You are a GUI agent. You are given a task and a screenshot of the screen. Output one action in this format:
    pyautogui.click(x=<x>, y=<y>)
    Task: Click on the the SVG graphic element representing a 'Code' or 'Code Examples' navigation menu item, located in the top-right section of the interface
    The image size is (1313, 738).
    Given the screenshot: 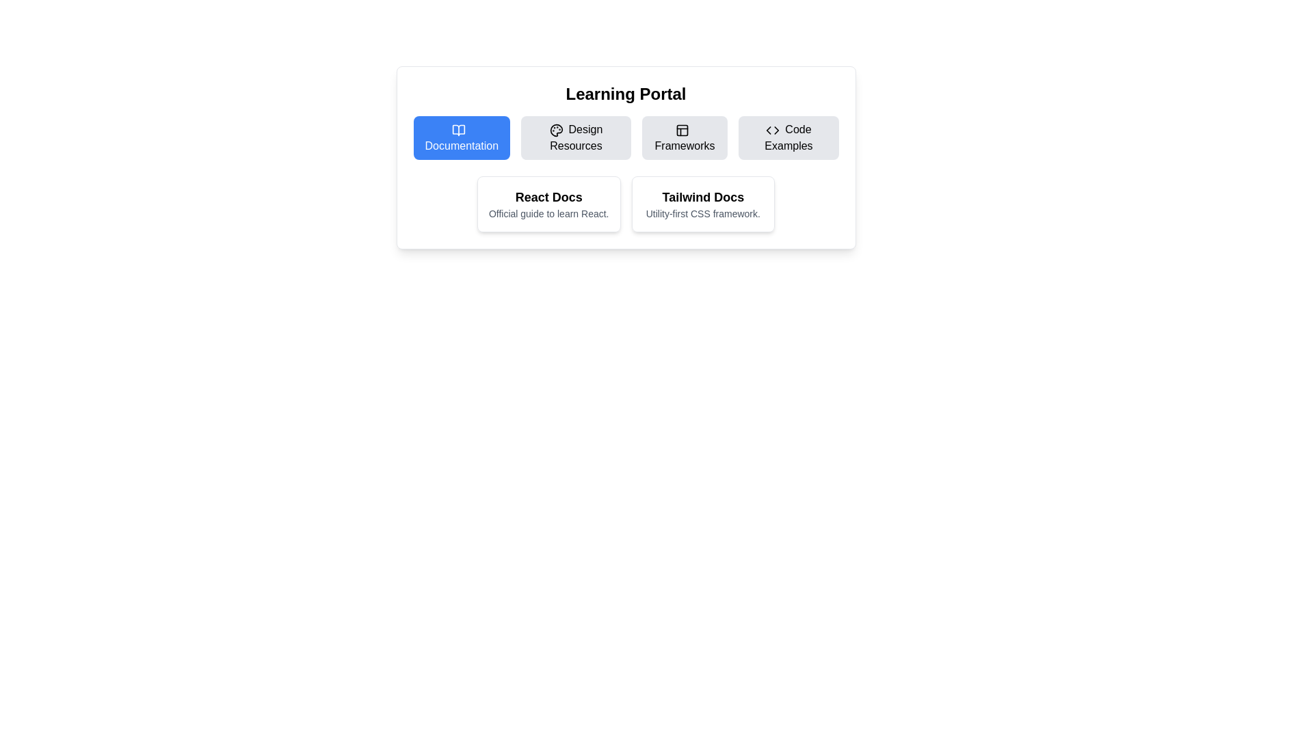 What is the action you would take?
    pyautogui.click(x=777, y=130)
    